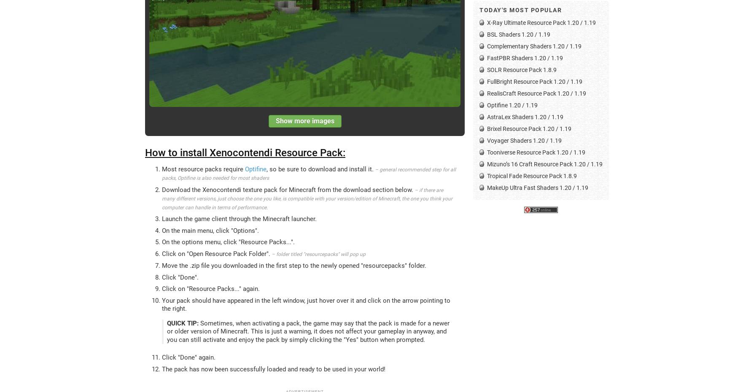 The height and width of the screenshot is (392, 754). I want to click on 'On the options menu, click "Resource Packs...".', so click(228, 241).